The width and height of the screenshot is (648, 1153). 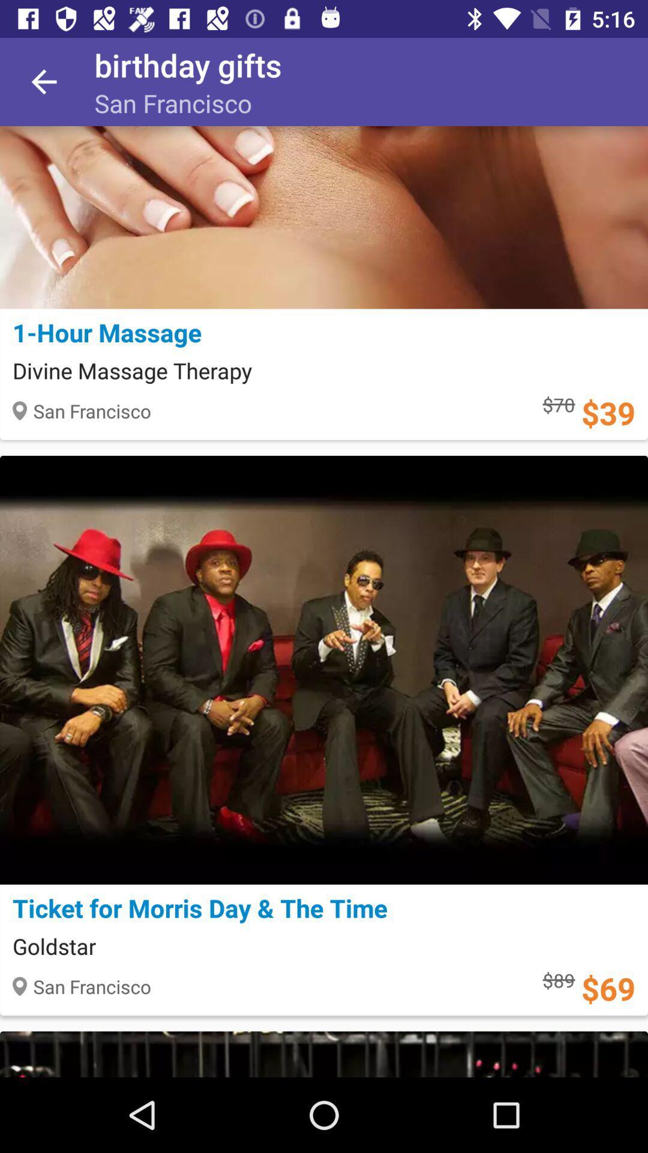 I want to click on app to the left of birthday gifts app, so click(x=43, y=81).